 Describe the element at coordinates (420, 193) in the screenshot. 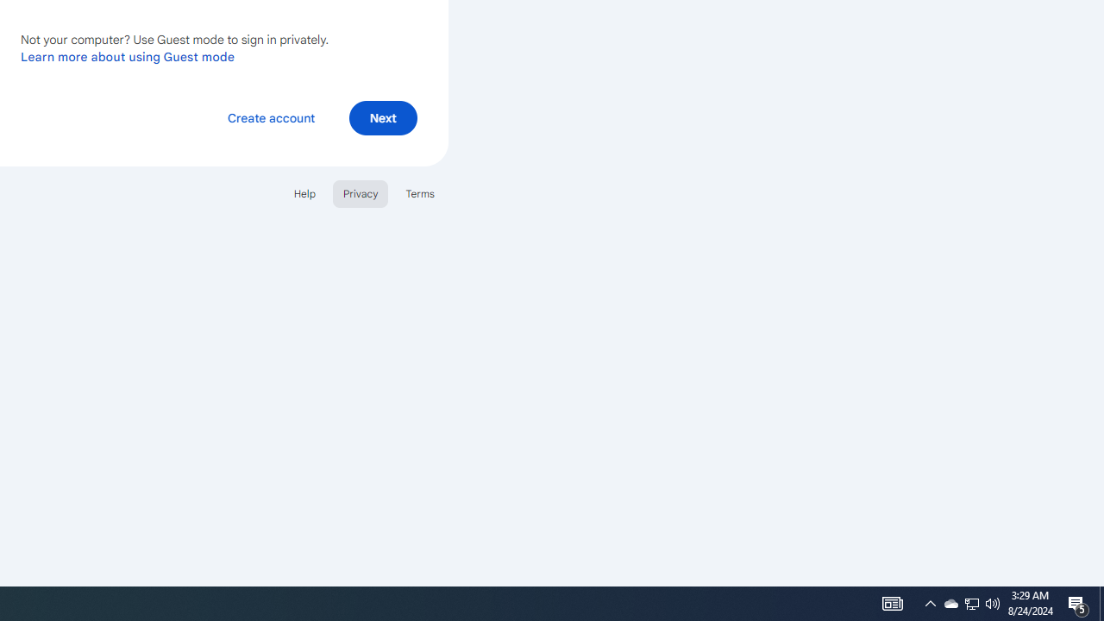

I see `'Terms'` at that location.